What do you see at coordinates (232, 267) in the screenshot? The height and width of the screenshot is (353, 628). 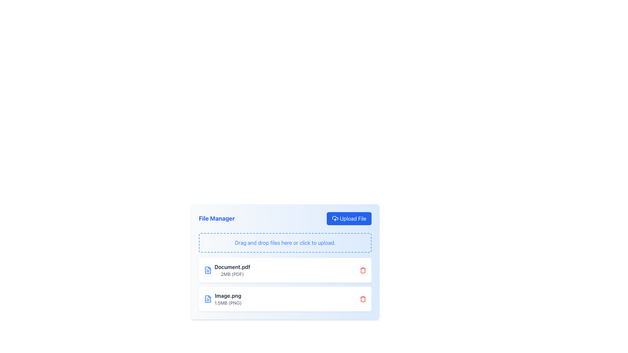 I see `the text label displaying the filename 'Document.pdf' in the File Manager section to perform file-related operations` at bounding box center [232, 267].